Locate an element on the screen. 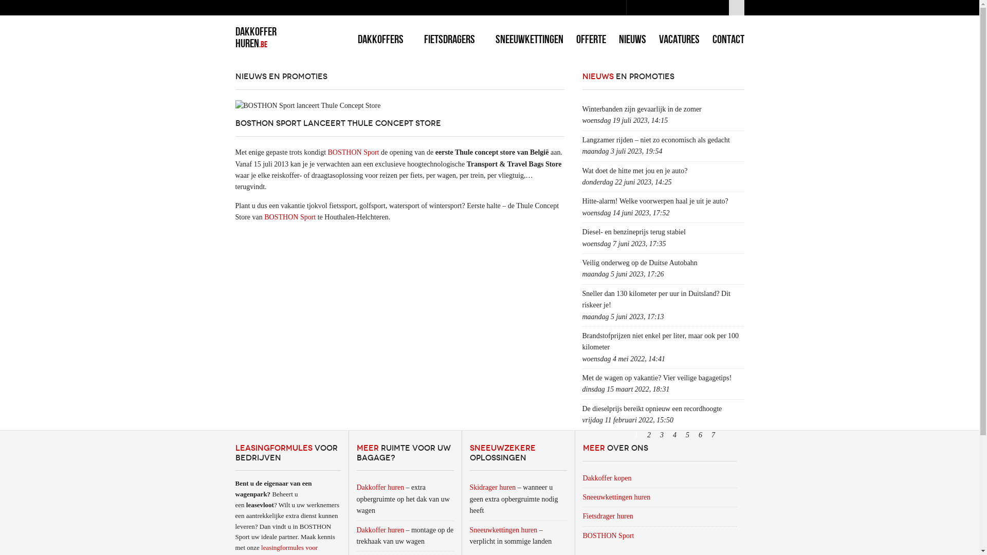 The height and width of the screenshot is (555, 987). 'Hitte-alarm! Welke voorwerpen haal je uit je auto?' is located at coordinates (654, 201).